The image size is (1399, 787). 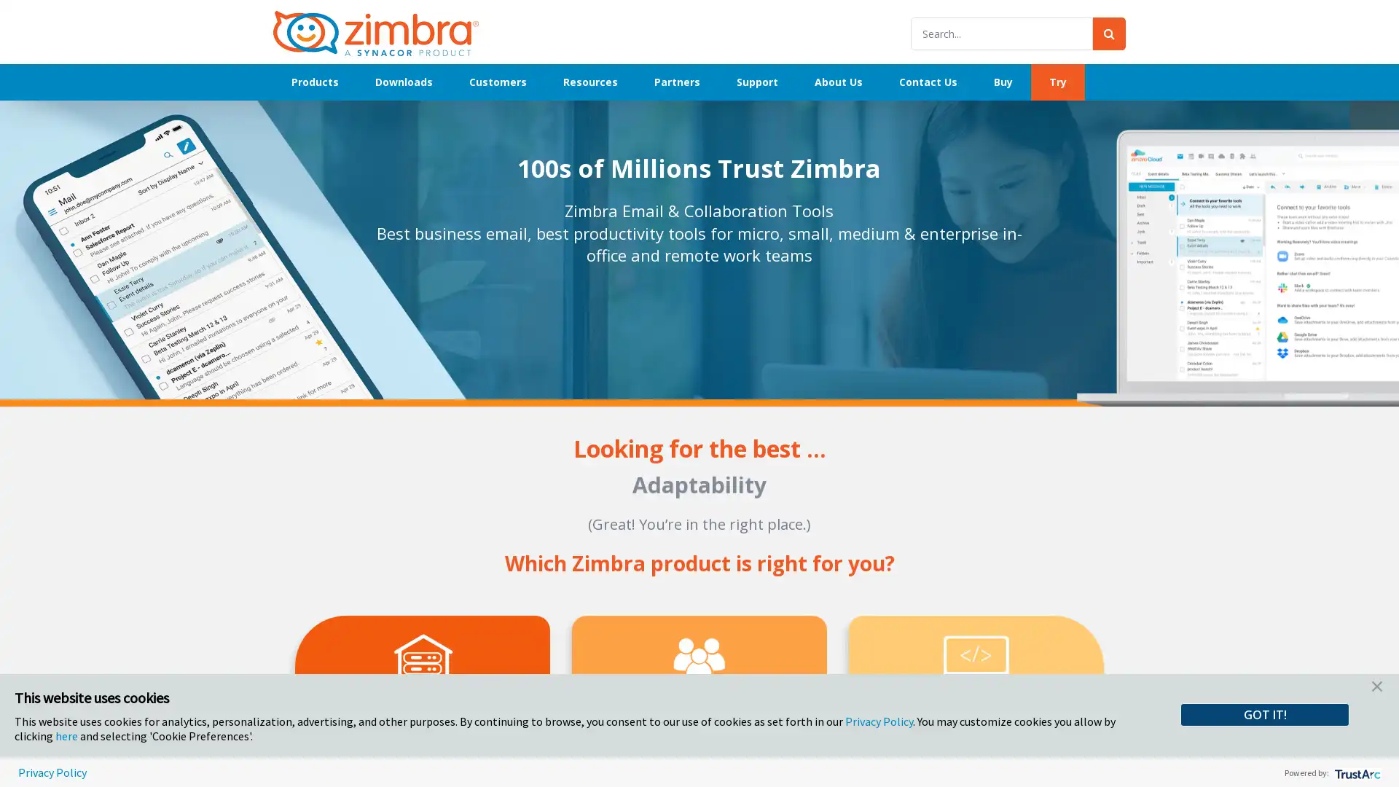 I want to click on close banner, so click(x=1376, y=689).